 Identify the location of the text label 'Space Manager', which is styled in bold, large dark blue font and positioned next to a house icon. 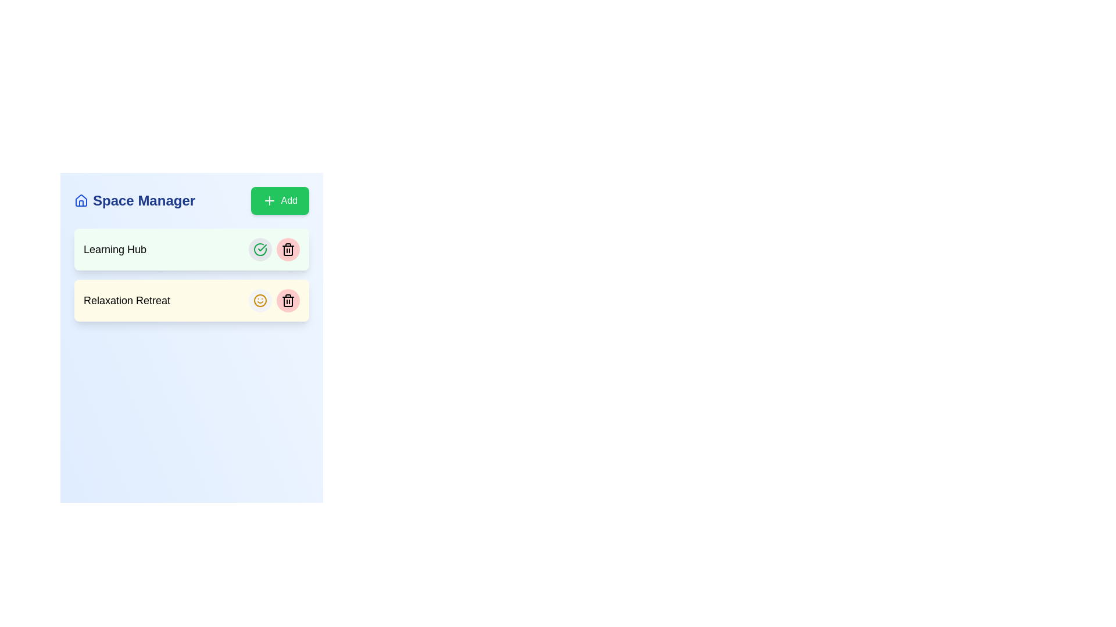
(144, 200).